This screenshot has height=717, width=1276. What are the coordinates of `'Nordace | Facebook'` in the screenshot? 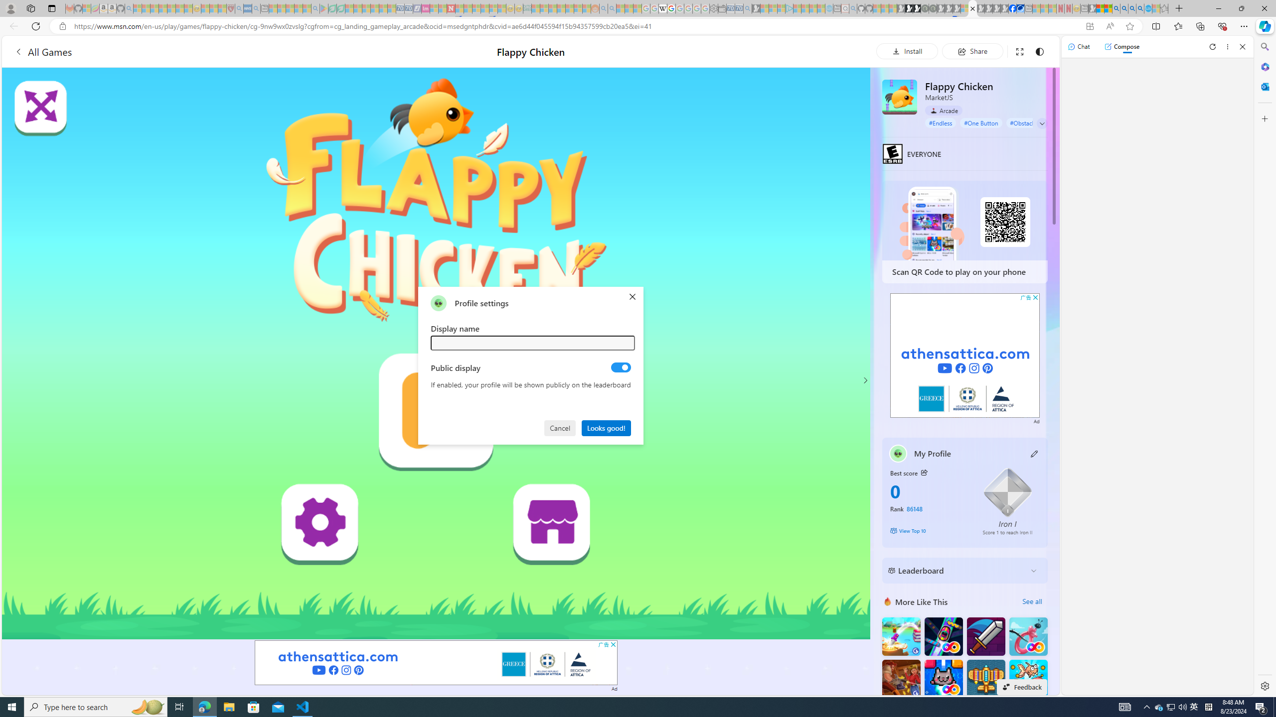 It's located at (1012, 8).